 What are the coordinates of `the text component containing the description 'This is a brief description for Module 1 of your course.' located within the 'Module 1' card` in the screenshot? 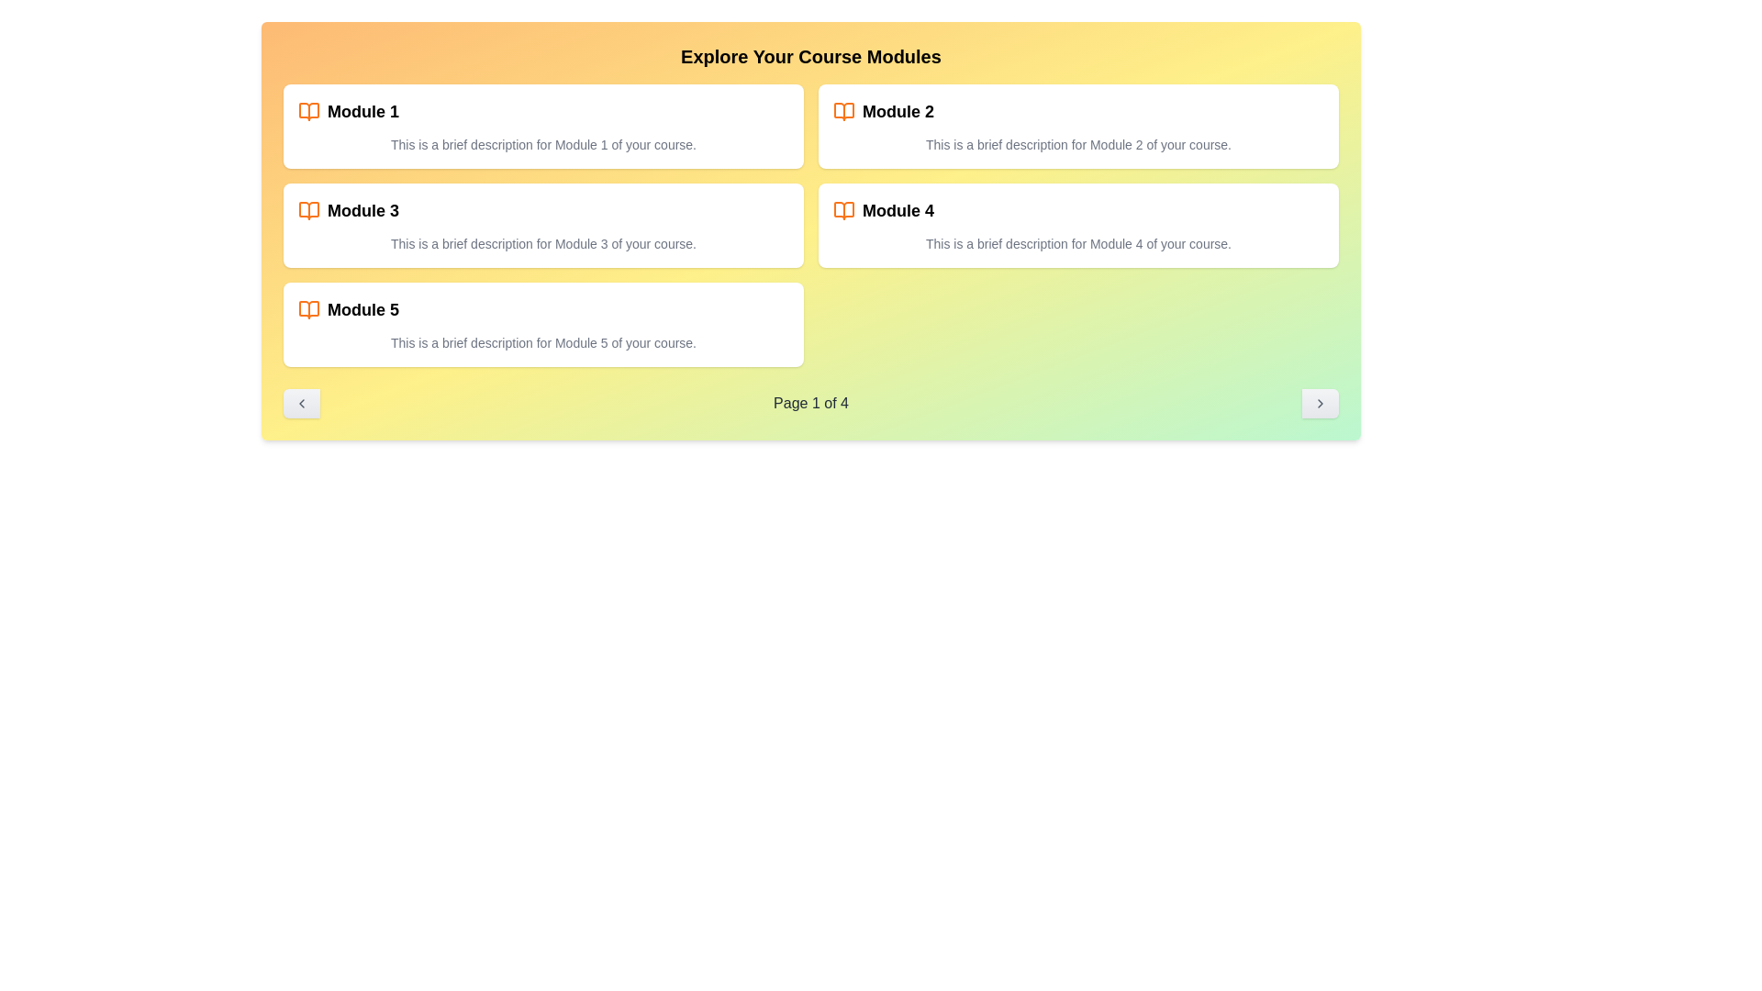 It's located at (542, 144).